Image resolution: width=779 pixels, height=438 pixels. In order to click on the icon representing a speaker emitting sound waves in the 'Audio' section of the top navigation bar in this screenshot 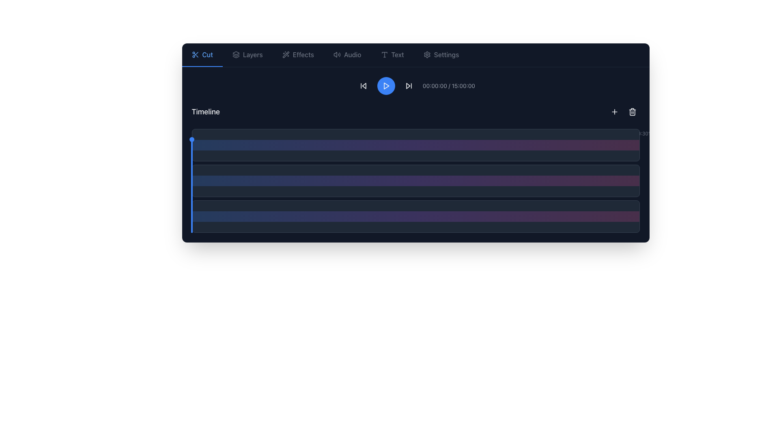, I will do `click(337, 55)`.